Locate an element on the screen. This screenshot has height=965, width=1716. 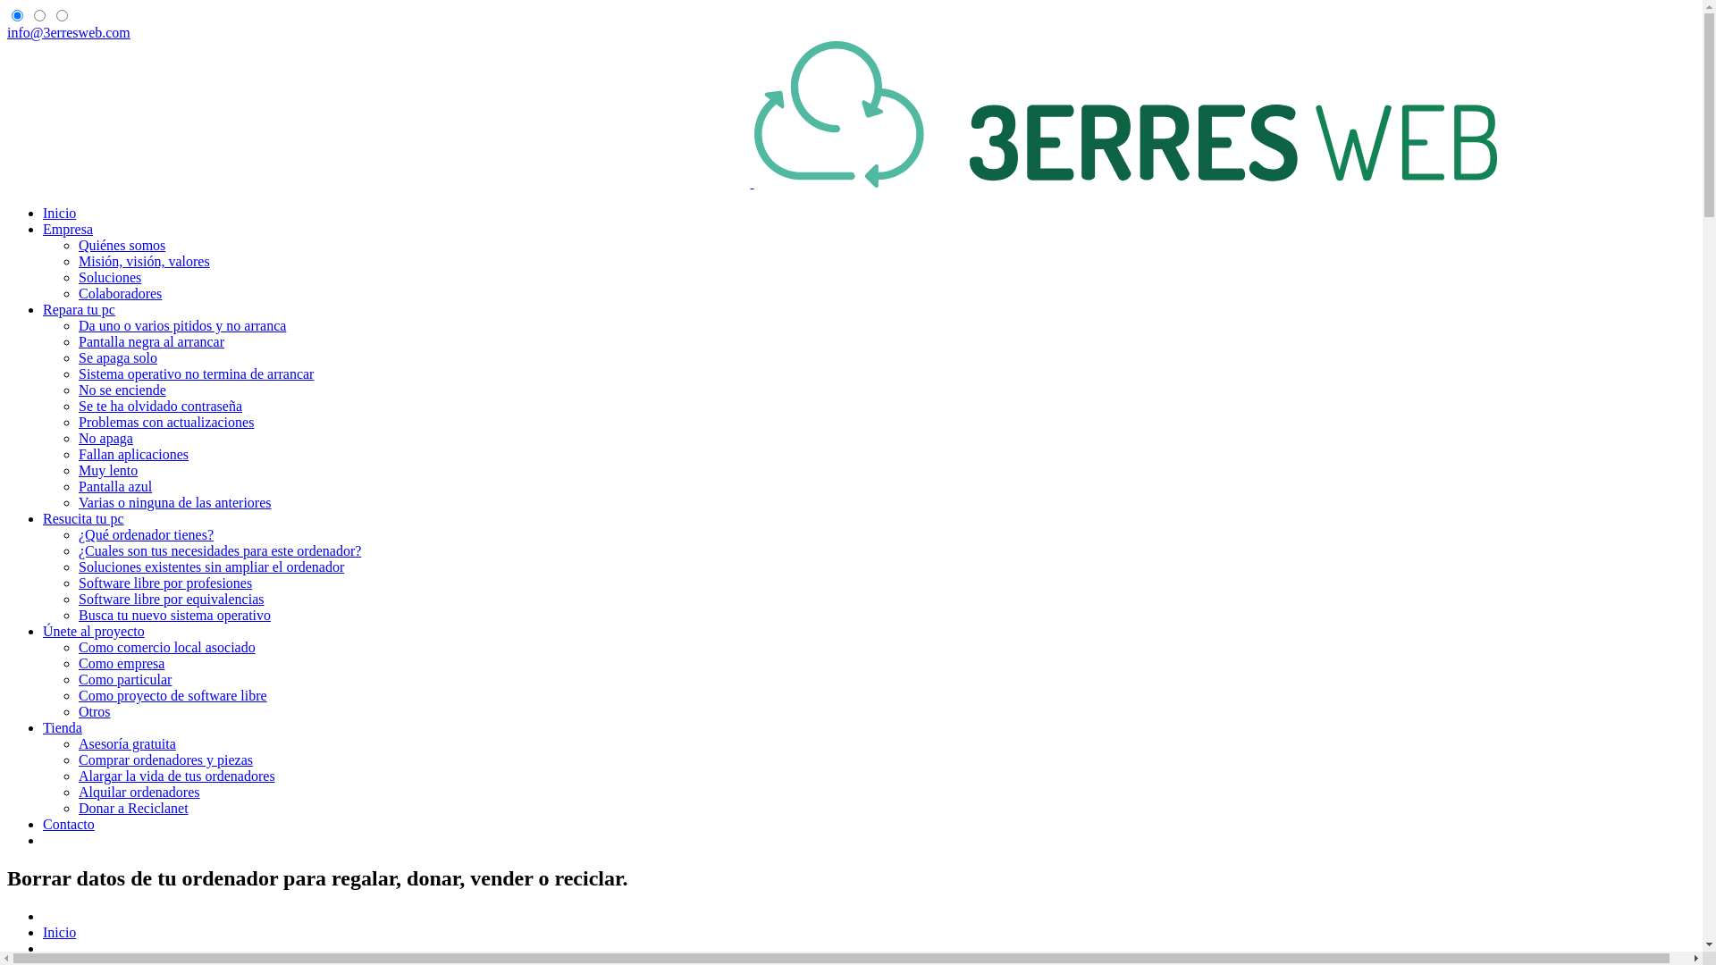
'Inicio' is located at coordinates (59, 212).